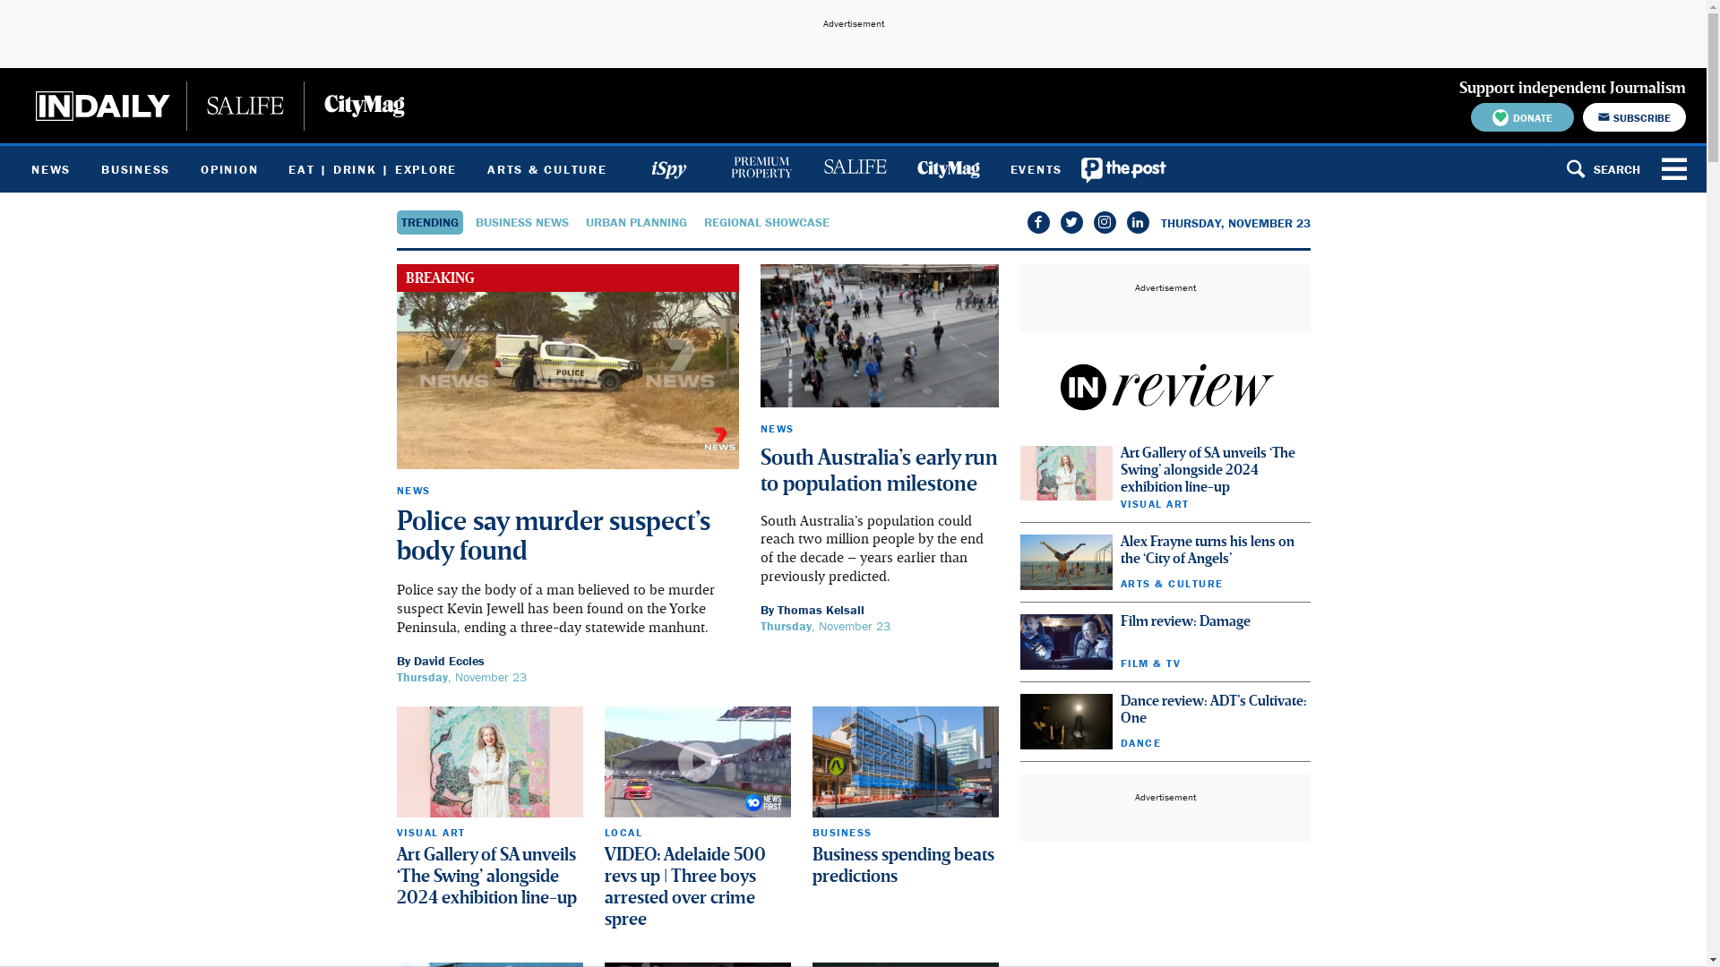 This screenshot has height=967, width=1720. What do you see at coordinates (1149, 663) in the screenshot?
I see `'FILM & TV'` at bounding box center [1149, 663].